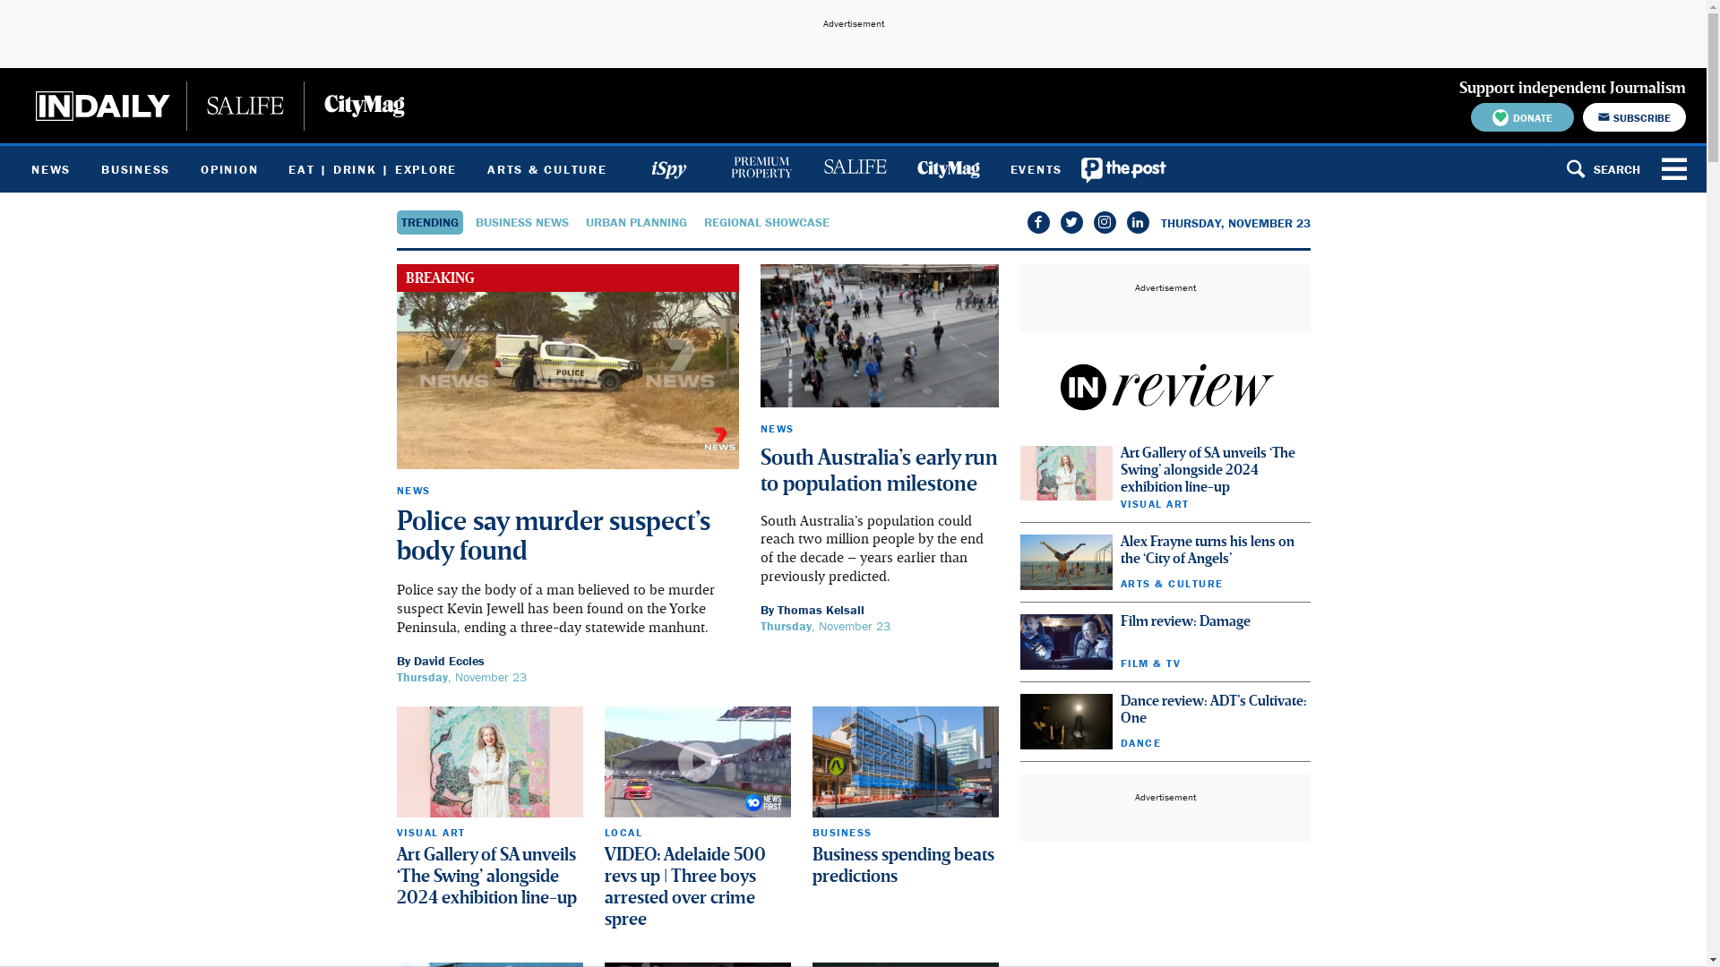 This screenshot has height=967, width=1720. What do you see at coordinates (1149, 663) in the screenshot?
I see `'FILM & TV'` at bounding box center [1149, 663].